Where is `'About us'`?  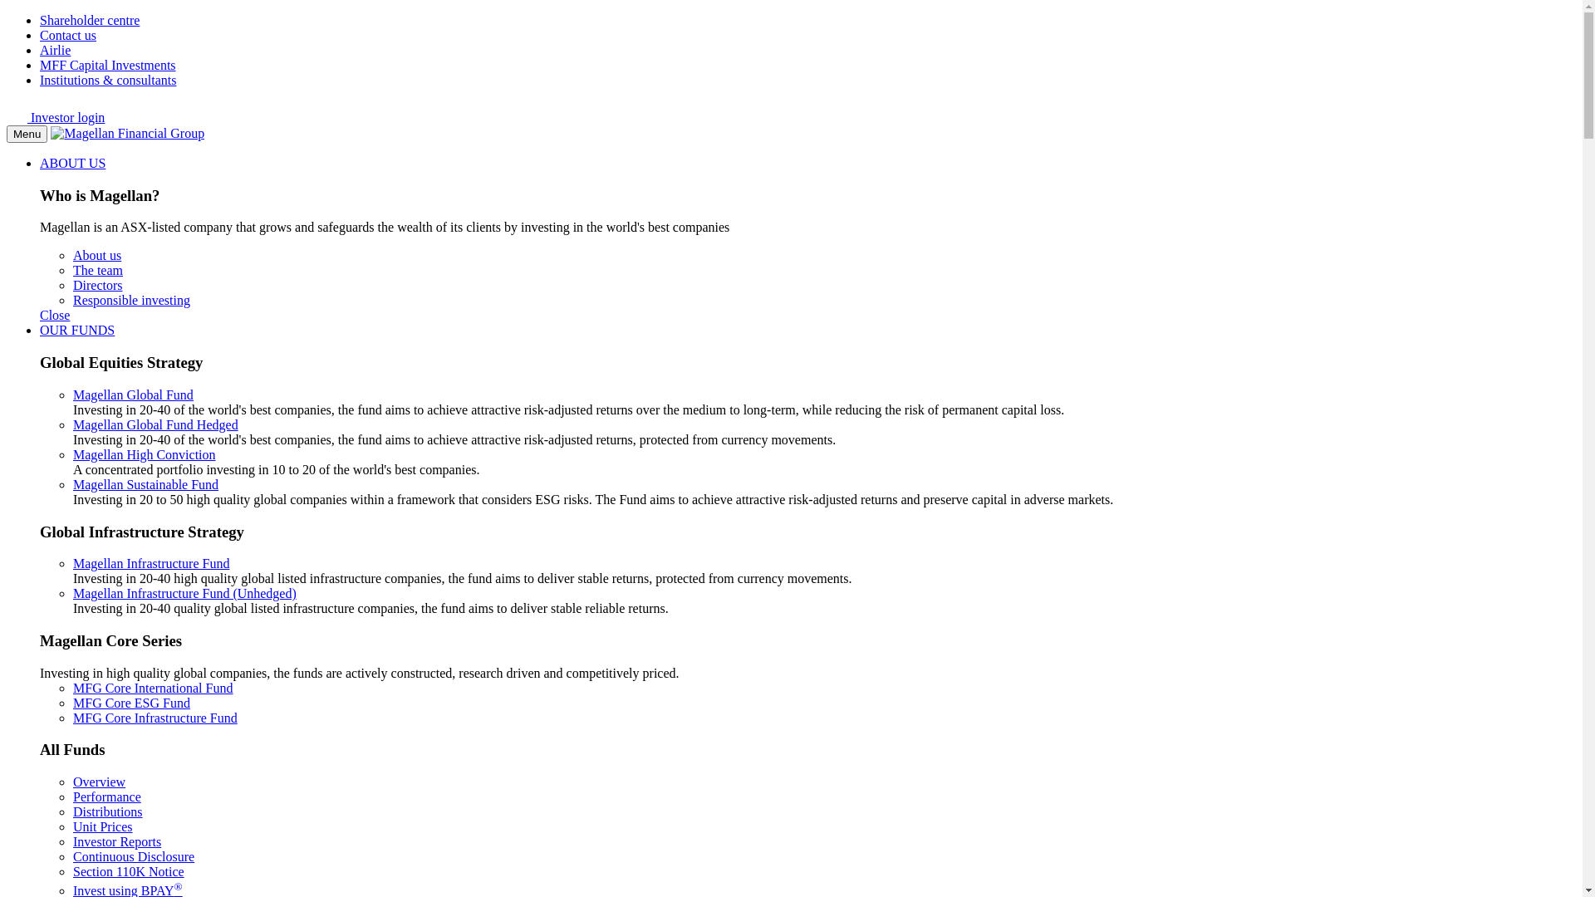
'About us' is located at coordinates (96, 255).